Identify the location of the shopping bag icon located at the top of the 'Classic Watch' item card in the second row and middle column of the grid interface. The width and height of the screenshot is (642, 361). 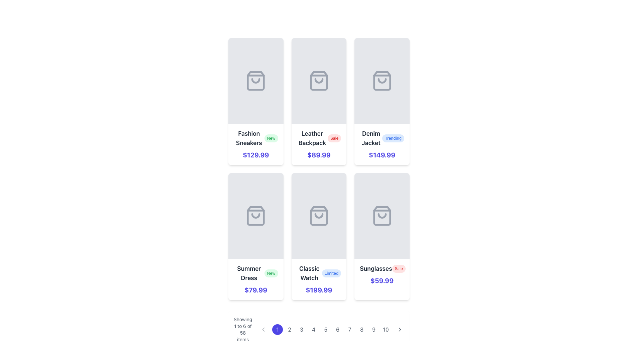
(319, 216).